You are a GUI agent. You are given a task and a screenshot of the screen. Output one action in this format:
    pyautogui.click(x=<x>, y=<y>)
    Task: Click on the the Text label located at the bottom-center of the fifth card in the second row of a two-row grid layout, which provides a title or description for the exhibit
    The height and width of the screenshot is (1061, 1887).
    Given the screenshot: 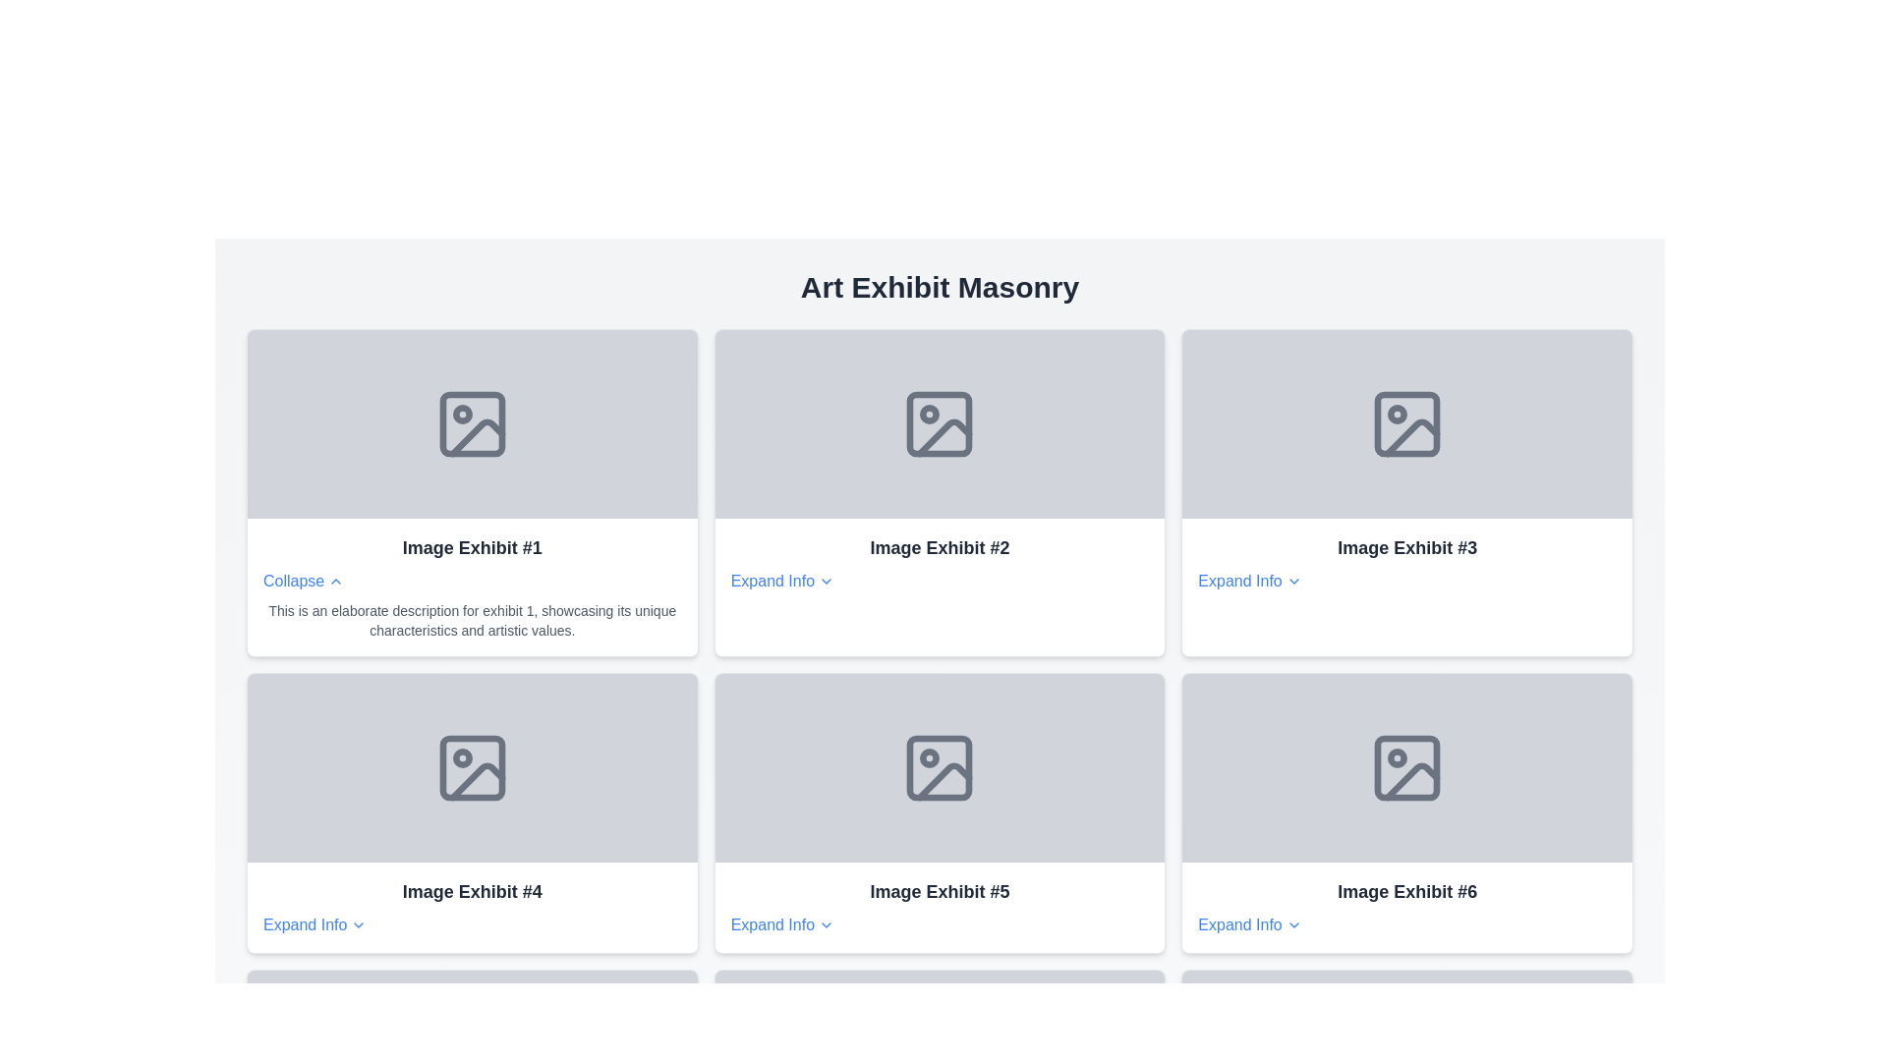 What is the action you would take?
    pyautogui.click(x=939, y=891)
    